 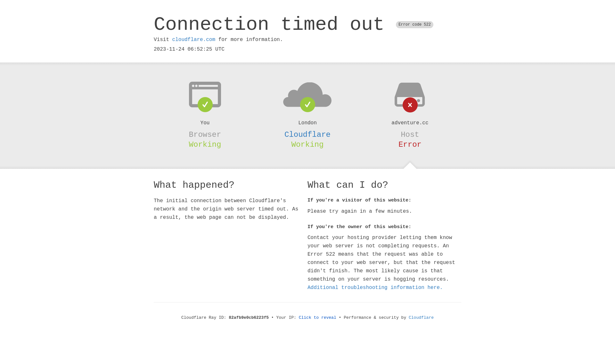 I want to click on 'cloudflare.com', so click(x=193, y=39).